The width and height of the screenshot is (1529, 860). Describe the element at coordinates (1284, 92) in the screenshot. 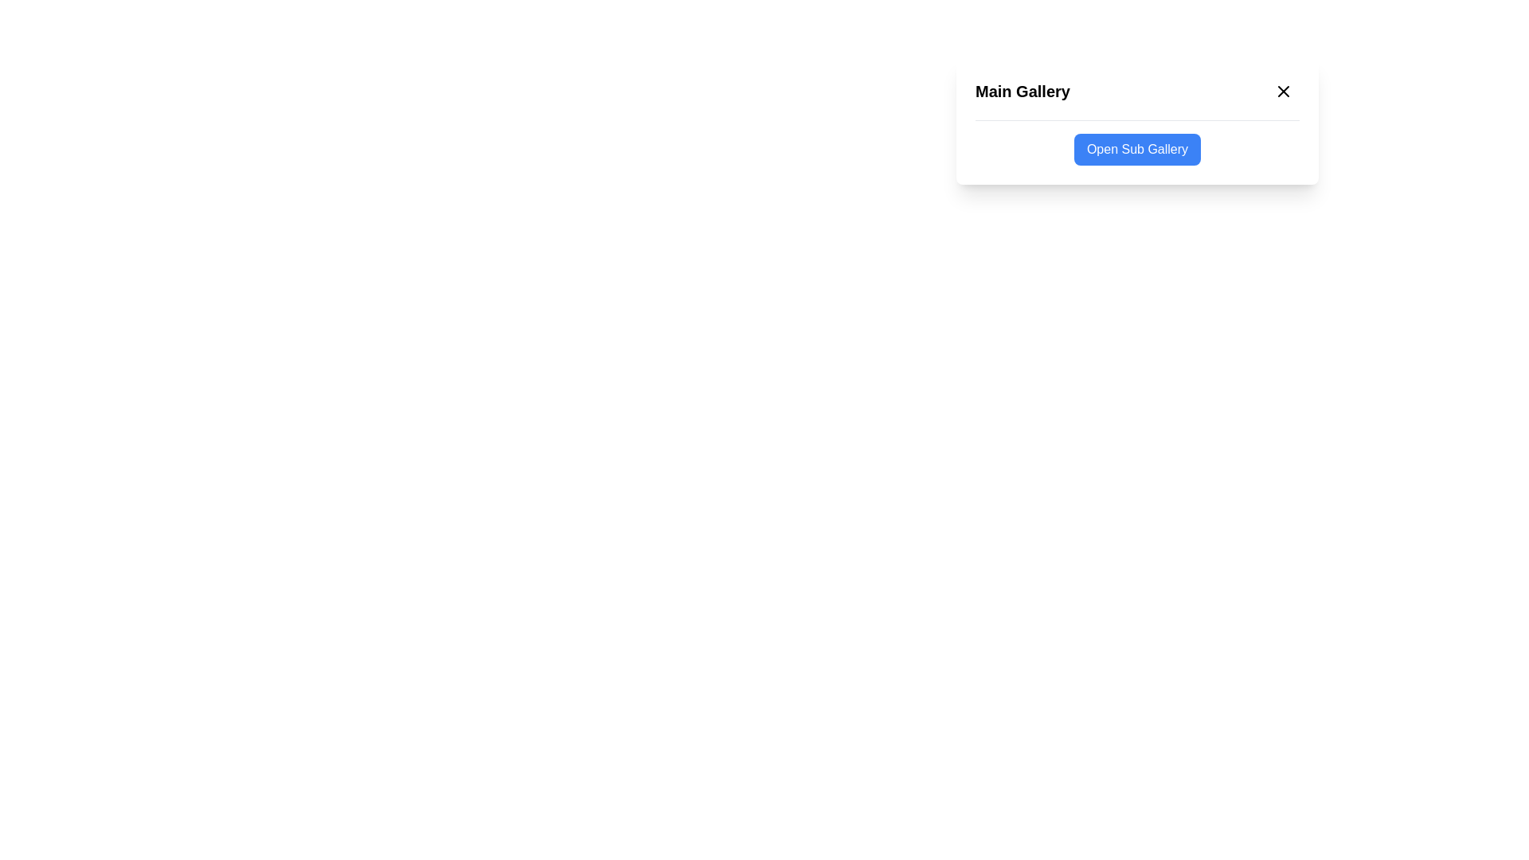

I see `the small 'X' icon located at the top-right corner of the 'Main Gallery' module` at that location.